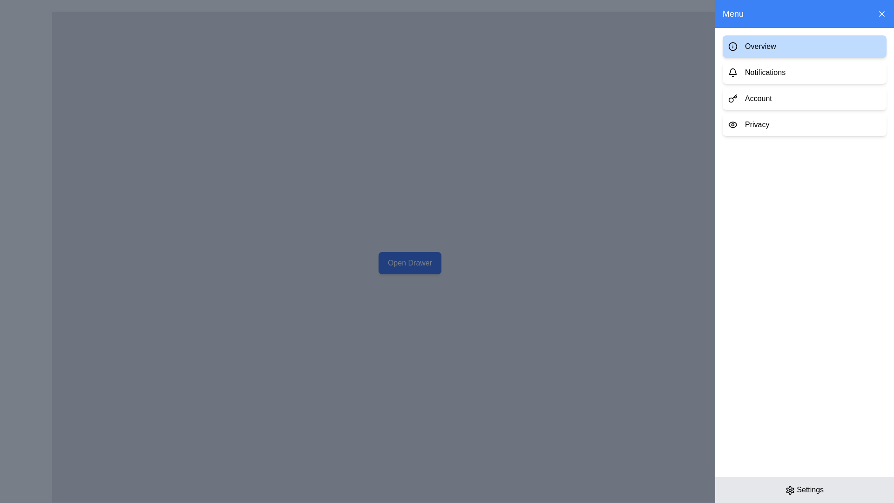 This screenshot has width=894, height=503. Describe the element at coordinates (732, 124) in the screenshot. I see `the eye icon located at the beginning of the 'Privacy' option in the menu to identify the associated menu option` at that location.